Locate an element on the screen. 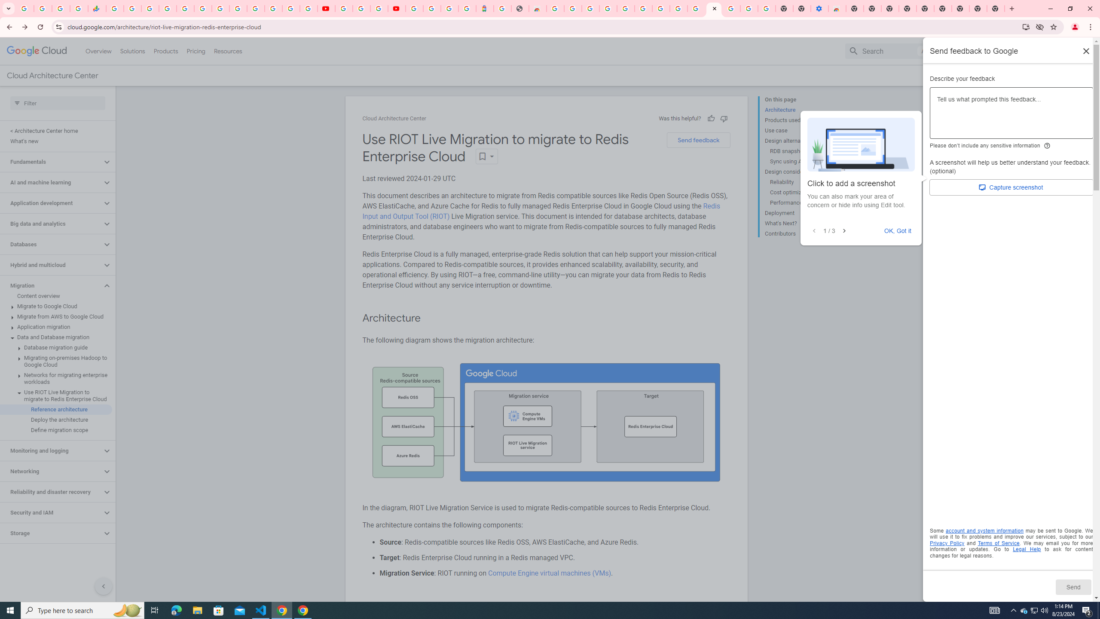  'Contributors' is located at coordinates (799, 232).